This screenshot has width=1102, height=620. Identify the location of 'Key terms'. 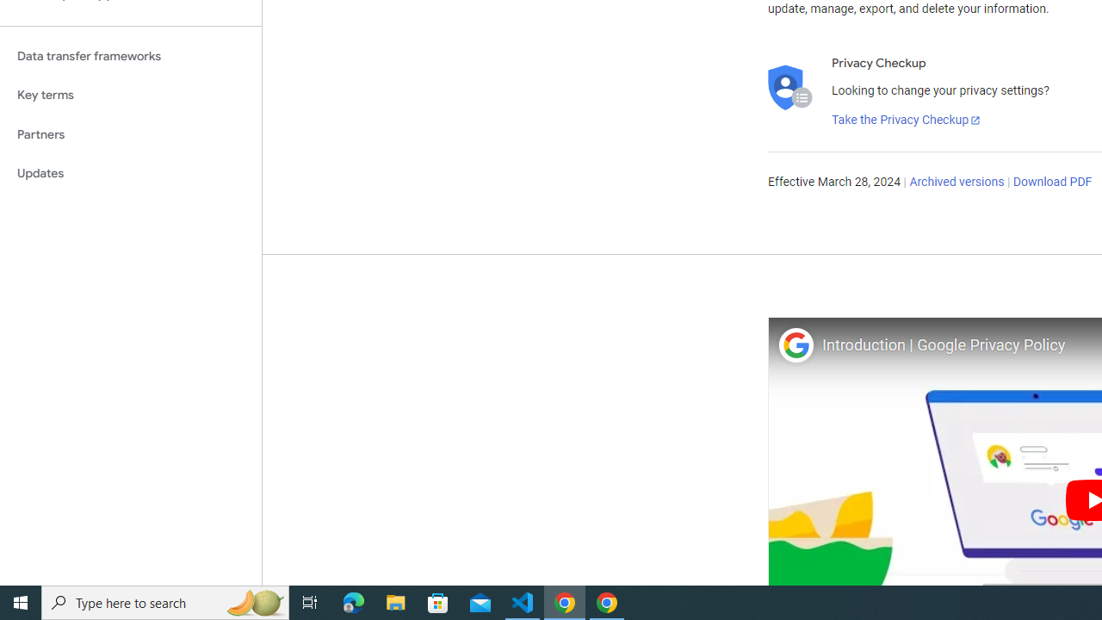
(130, 95).